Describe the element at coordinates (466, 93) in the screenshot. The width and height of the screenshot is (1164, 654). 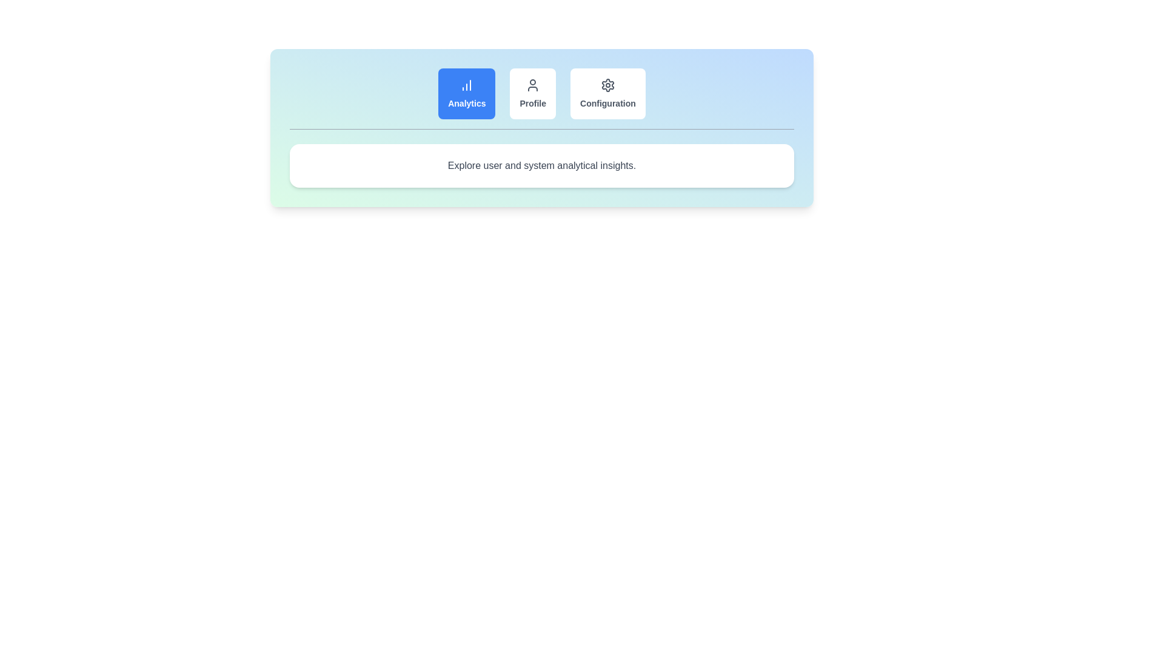
I see `the tab labeled Analytics to view its content` at that location.